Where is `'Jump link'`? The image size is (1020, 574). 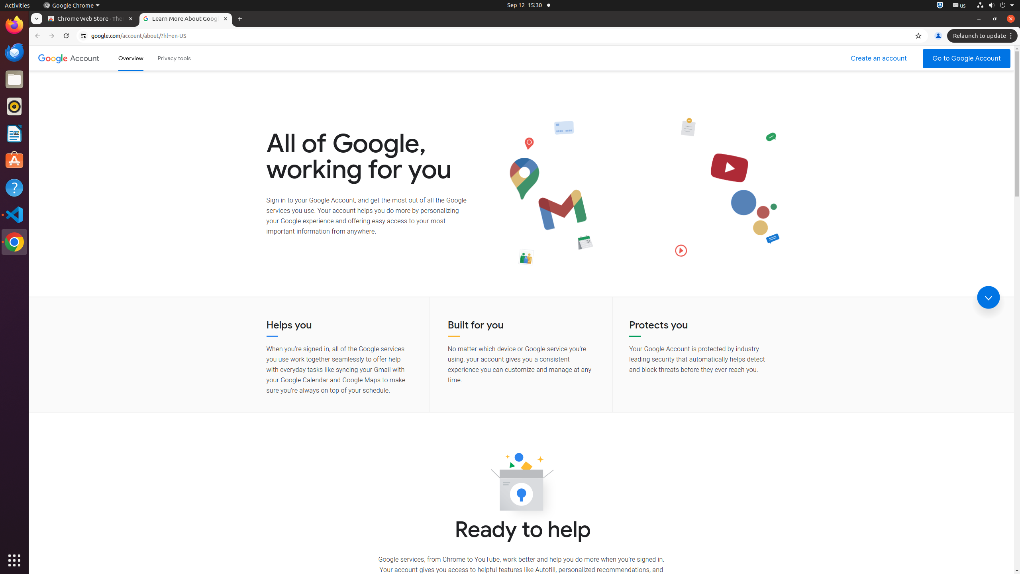 'Jump link' is located at coordinates (988, 297).